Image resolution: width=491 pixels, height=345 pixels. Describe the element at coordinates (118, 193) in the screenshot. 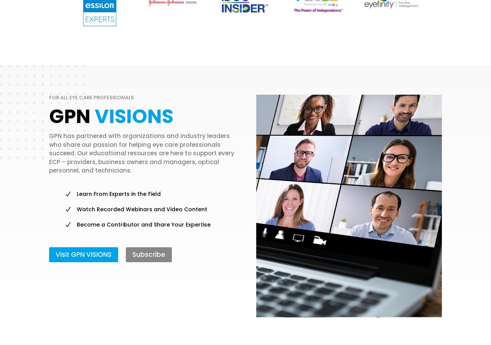

I see `'Learn From Experts in the Field'` at that location.